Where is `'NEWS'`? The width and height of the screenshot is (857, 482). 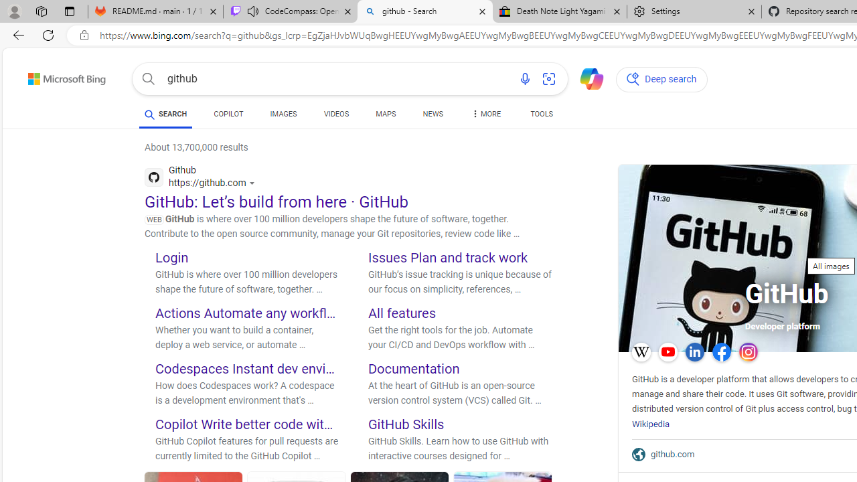 'NEWS' is located at coordinates (433, 115).